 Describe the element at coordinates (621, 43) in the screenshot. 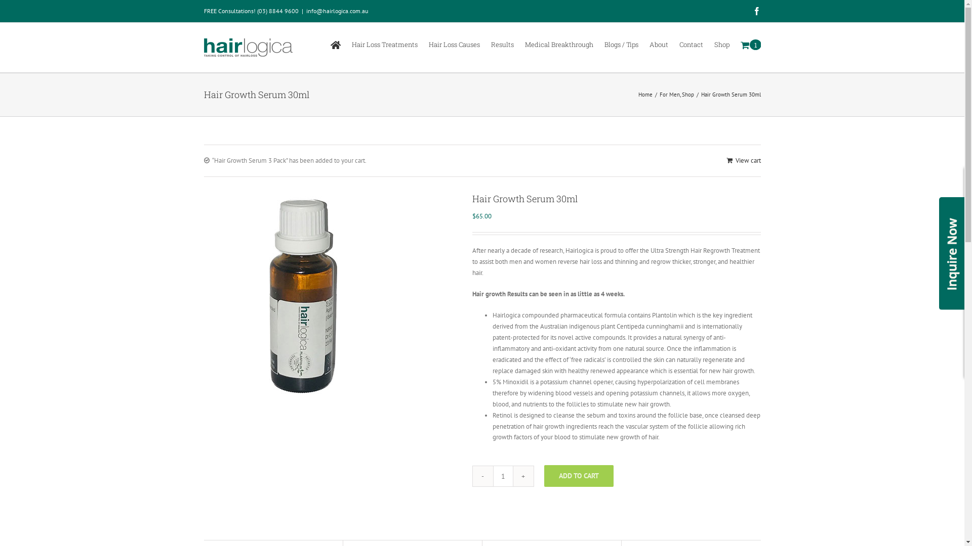

I see `'Blogs / Tips'` at that location.